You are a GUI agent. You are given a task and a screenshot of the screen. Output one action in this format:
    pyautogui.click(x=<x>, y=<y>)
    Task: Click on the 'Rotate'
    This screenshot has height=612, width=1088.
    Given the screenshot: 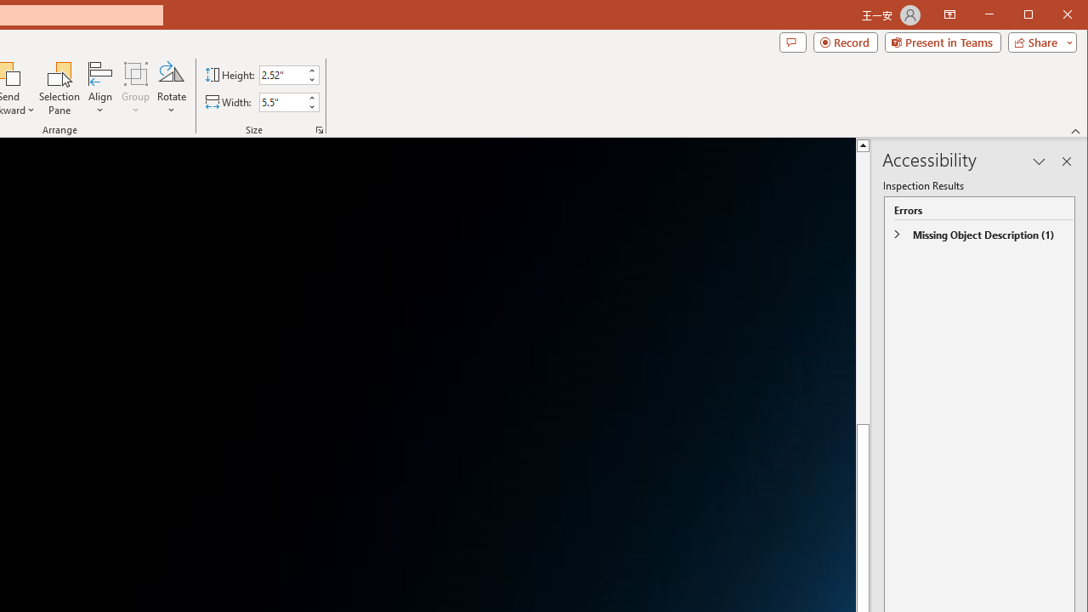 What is the action you would take?
    pyautogui.click(x=171, y=88)
    